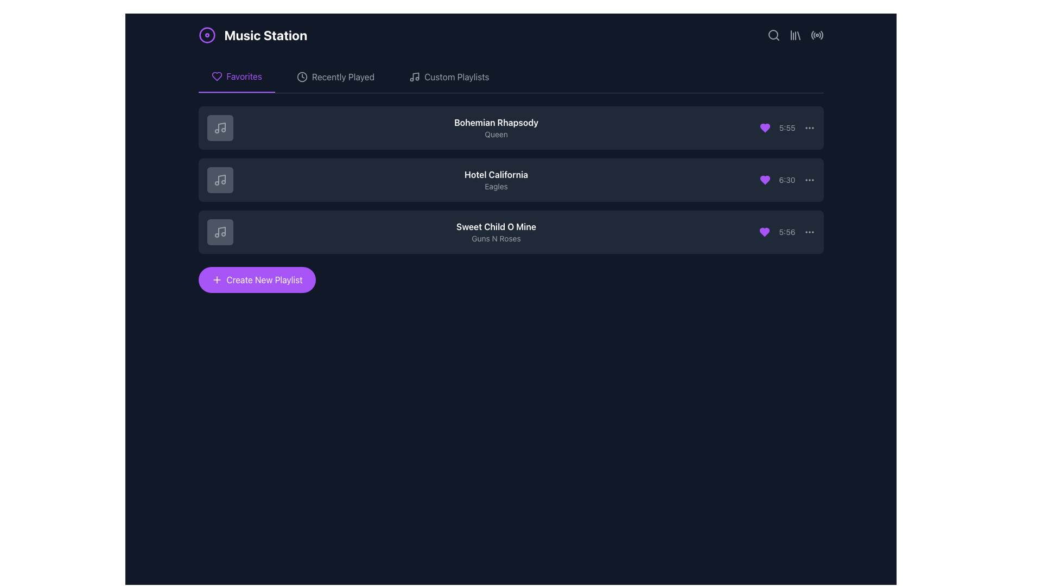 The image size is (1042, 586). I want to click on the circular search icon represented by a gray magnifying glass located in the top-right corner of the interface to initiate a search, so click(772, 34).